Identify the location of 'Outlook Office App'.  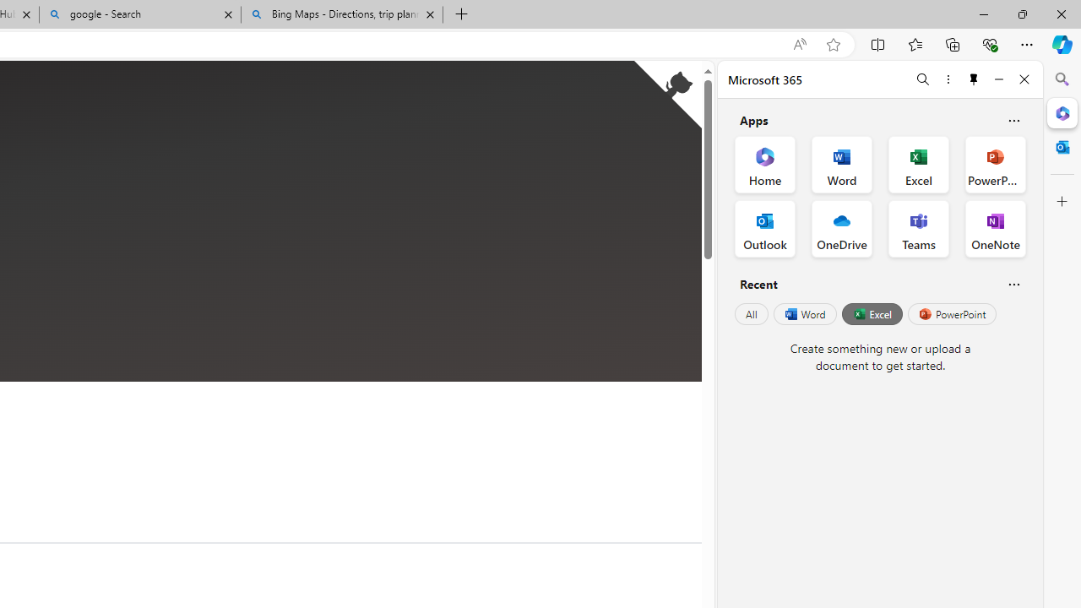
(764, 229).